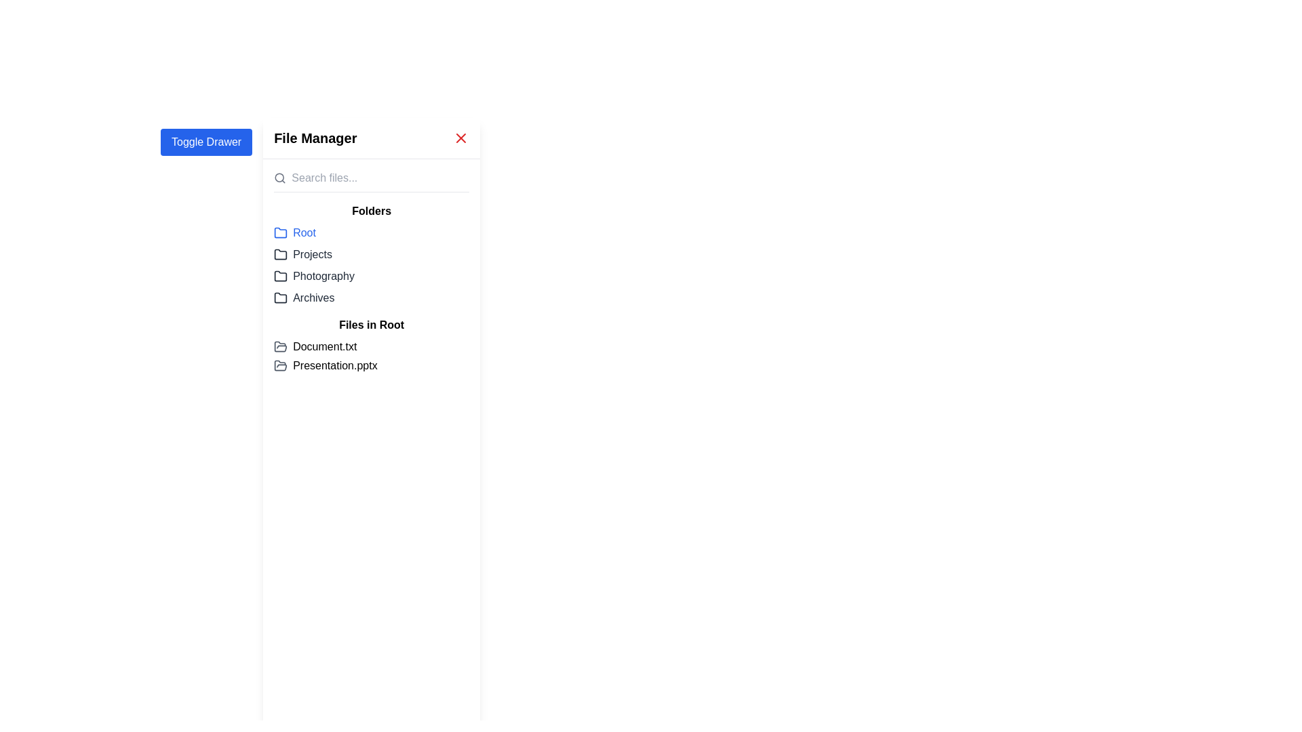  I want to click on the 'Root' folder icon located in the top-left portion of the File Manager panel to focus on the Root folder, so click(279, 232).